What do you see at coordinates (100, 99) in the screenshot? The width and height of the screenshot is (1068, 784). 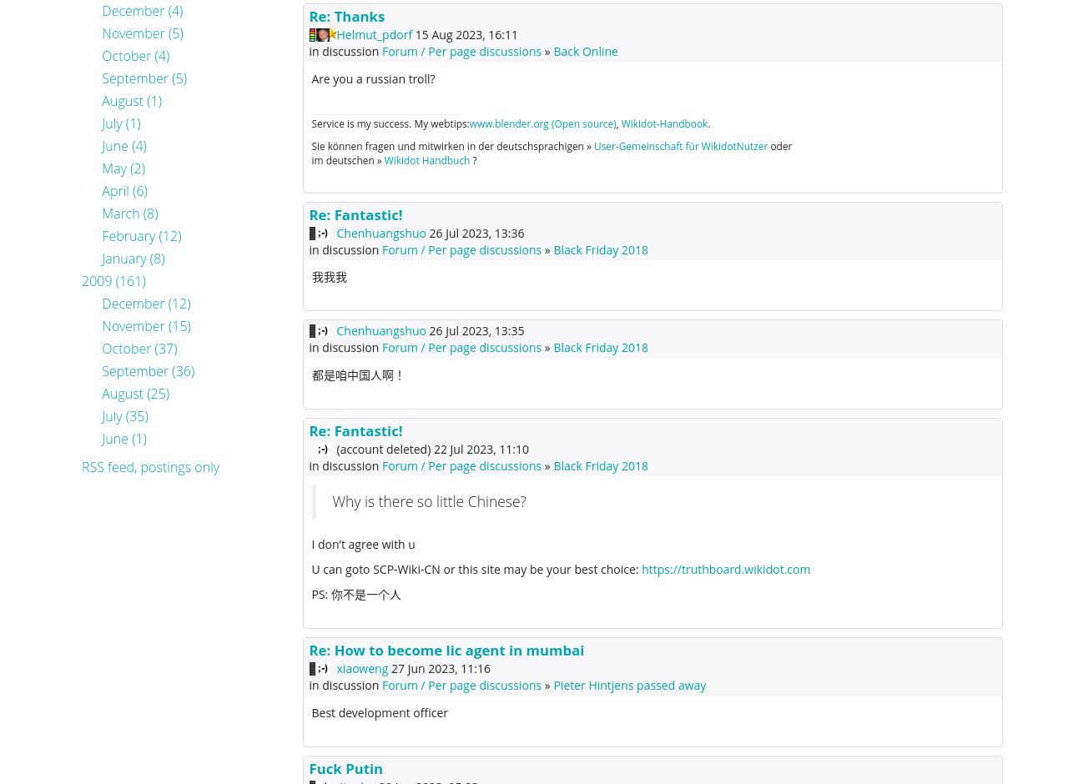 I see `'August (1)'` at bounding box center [100, 99].